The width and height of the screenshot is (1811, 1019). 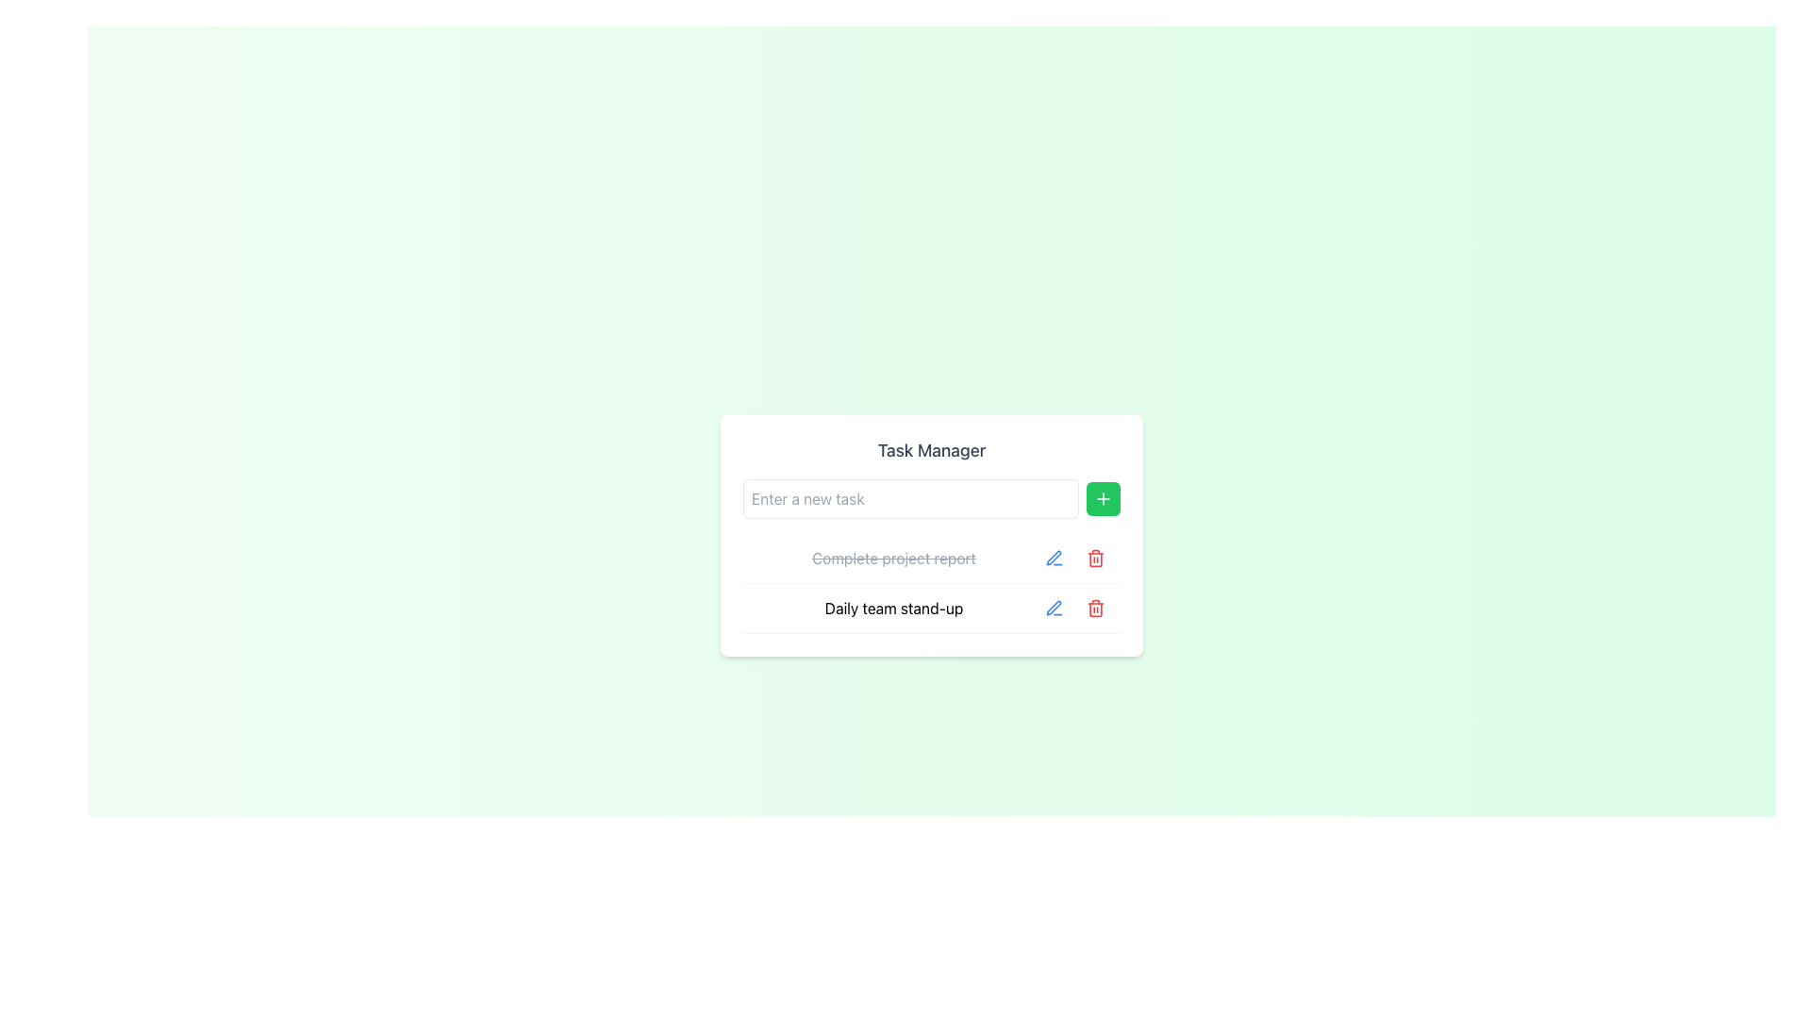 I want to click on the small 'plus' icon button, which is outlined in green and located to the right of the 'Enter a new task' input field in the 'Task Manager' panel, to initiate the add task action, so click(x=1104, y=497).